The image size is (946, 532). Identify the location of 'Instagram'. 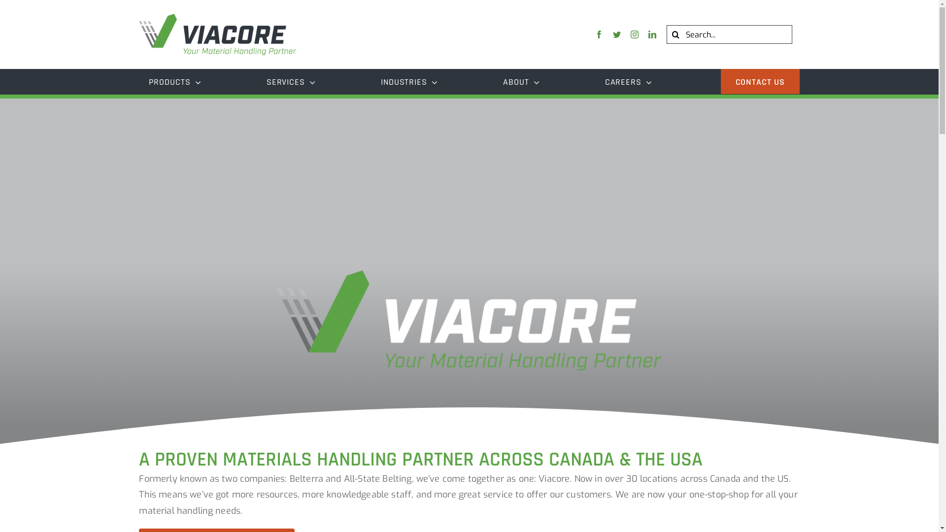
(634, 33).